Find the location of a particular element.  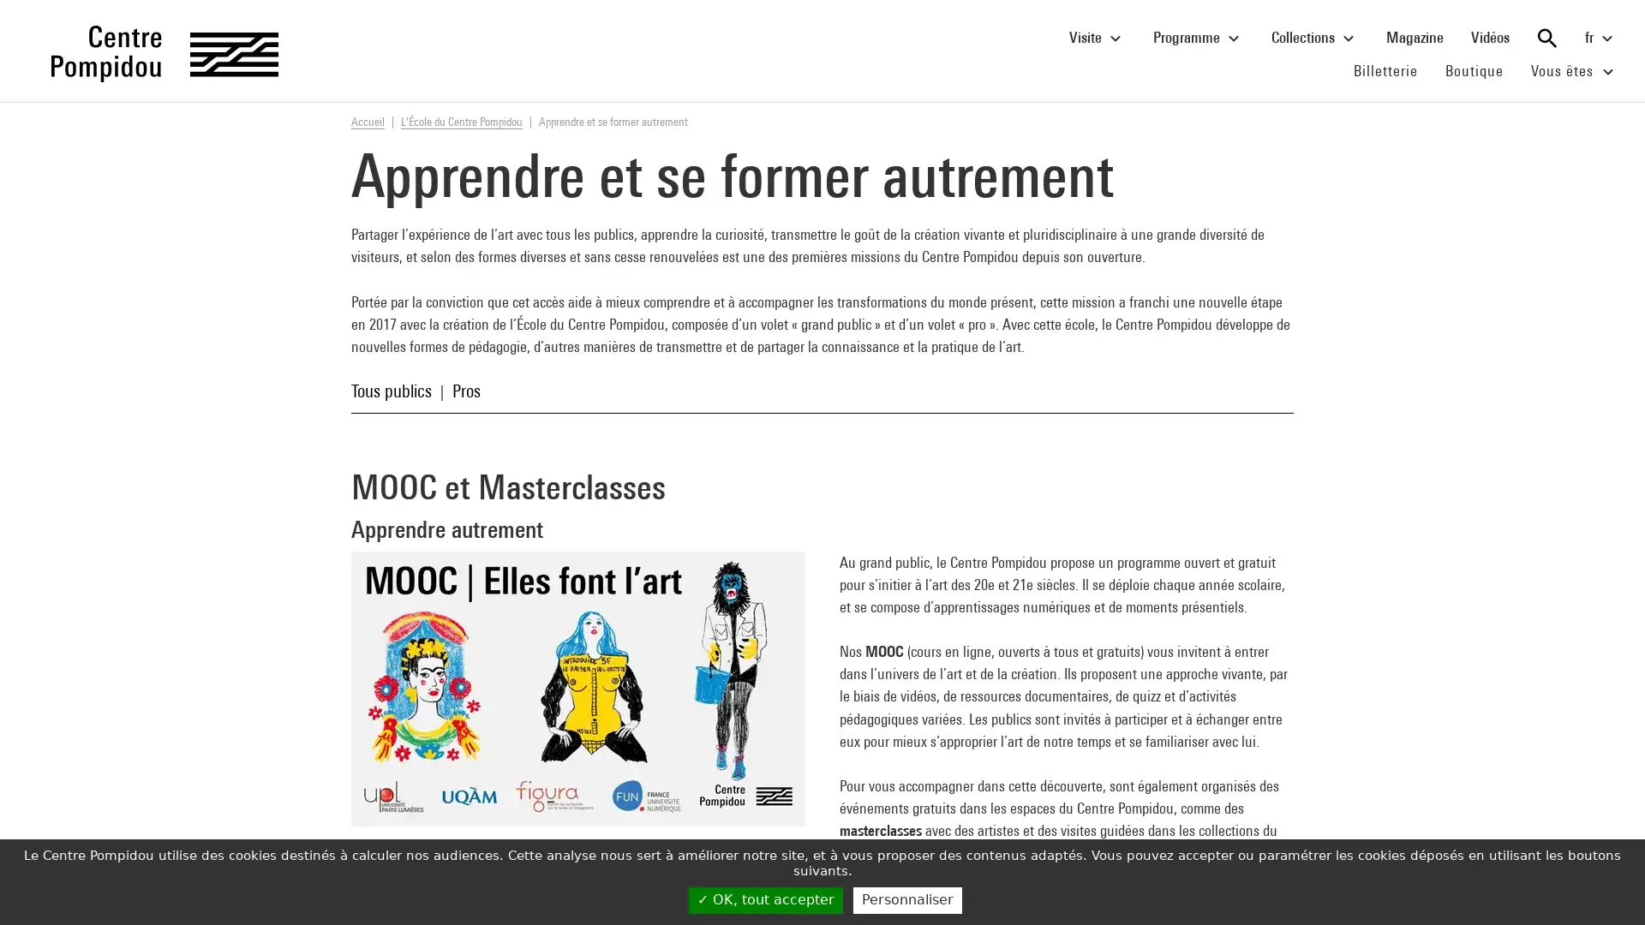

OK, tout accepter is located at coordinates (764, 899).